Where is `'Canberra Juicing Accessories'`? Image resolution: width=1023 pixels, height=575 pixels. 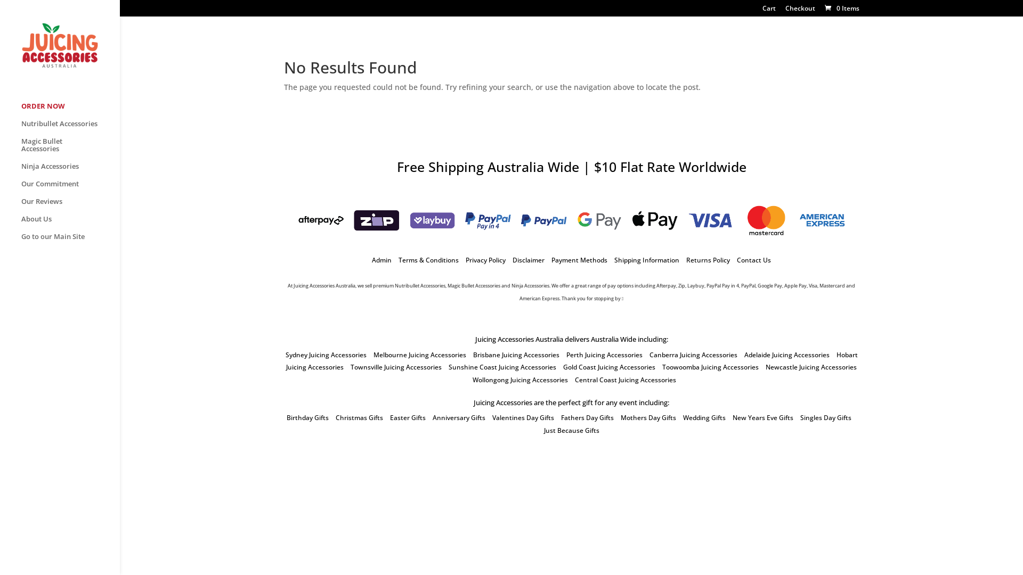 'Canberra Juicing Accessories' is located at coordinates (693, 355).